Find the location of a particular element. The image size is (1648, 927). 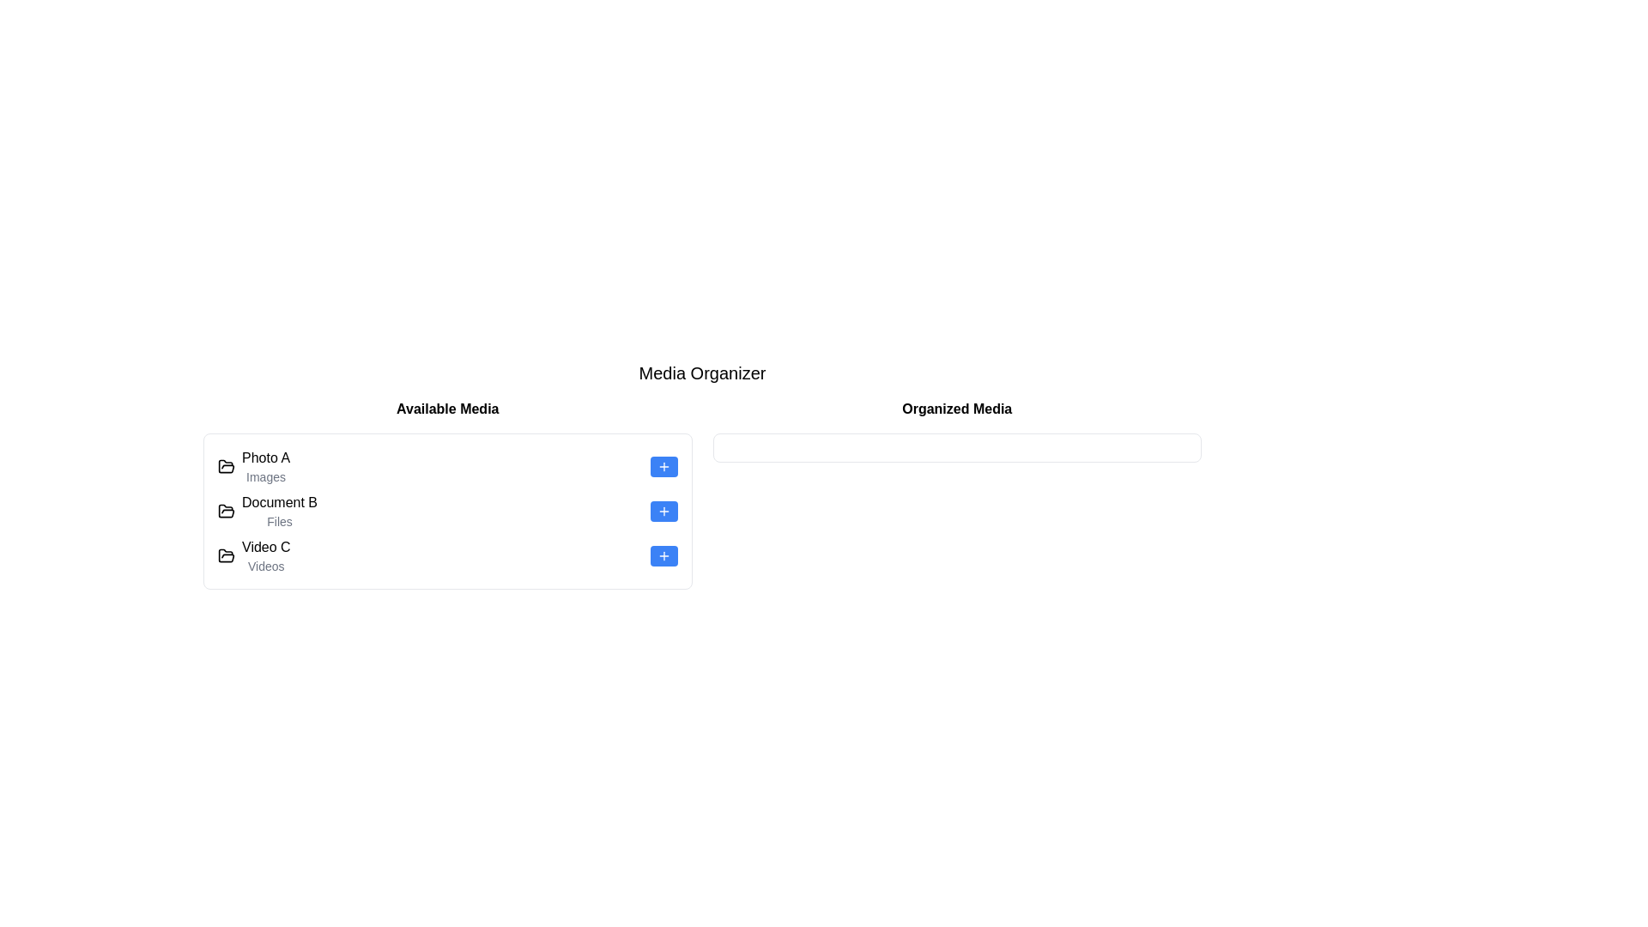

the button located directly to the right of the 'Document B' label in the 'Available Media' column, which is the second blue button from the top is located at coordinates (663, 511).